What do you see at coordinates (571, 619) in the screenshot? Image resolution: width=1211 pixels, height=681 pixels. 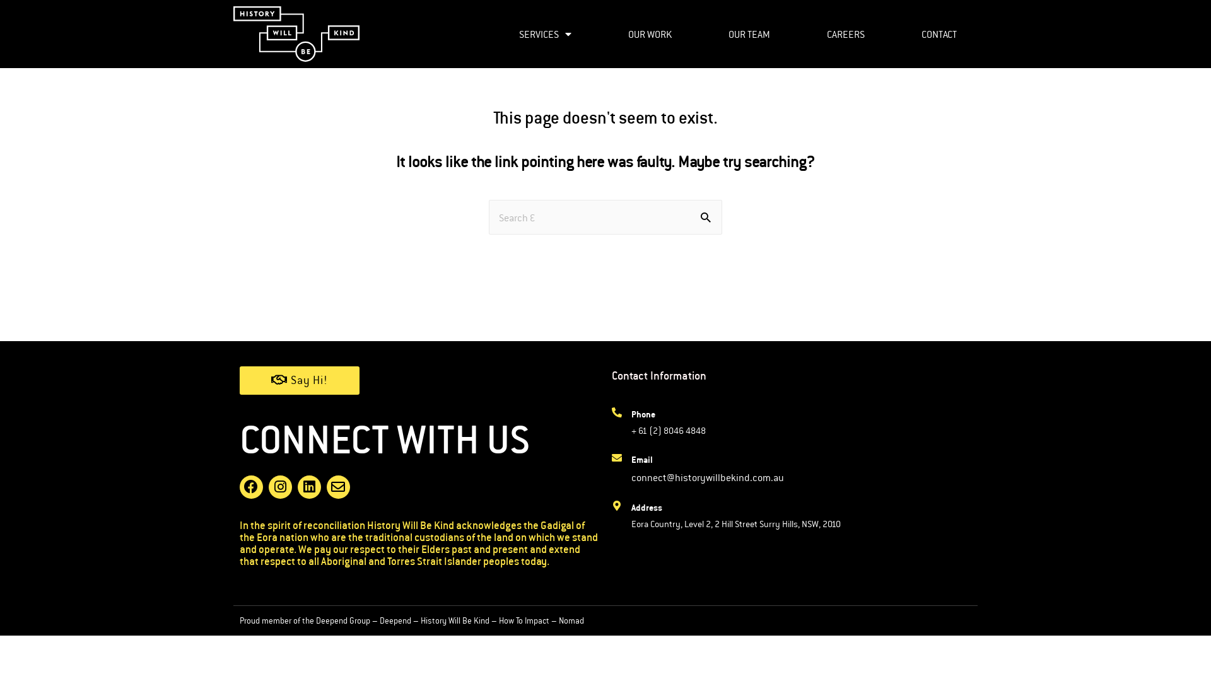 I see `'Nomad'` at bounding box center [571, 619].